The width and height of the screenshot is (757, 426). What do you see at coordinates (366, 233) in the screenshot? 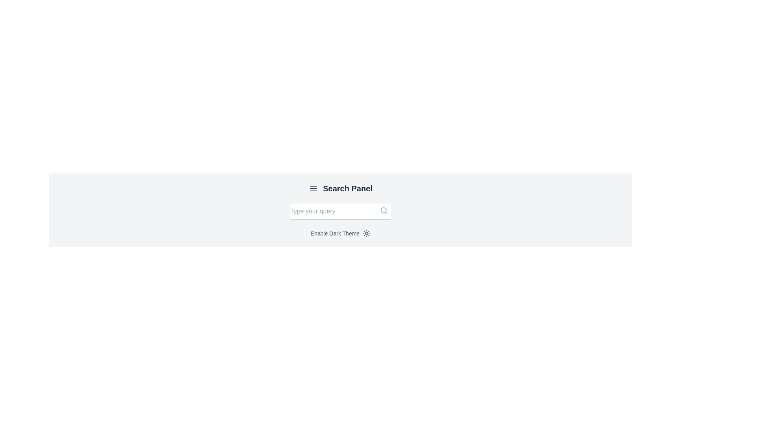
I see `the sun icon located next to the text 'Enable Dark Theme'` at bounding box center [366, 233].